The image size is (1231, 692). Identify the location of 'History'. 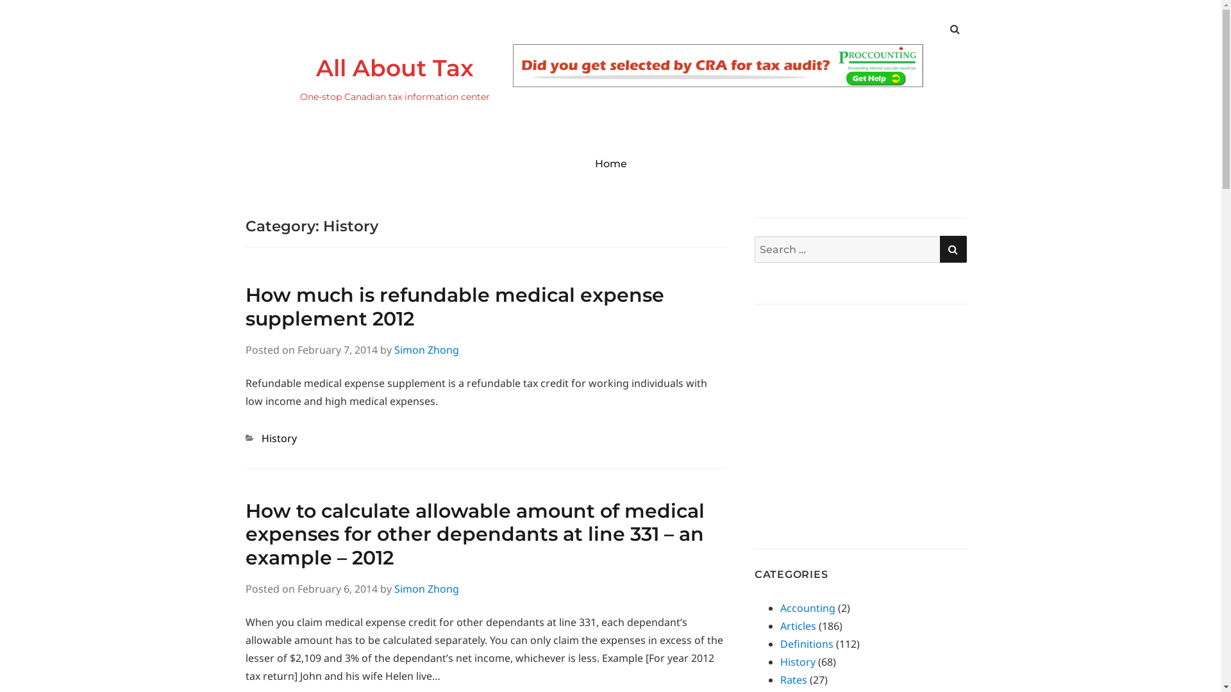
(278, 437).